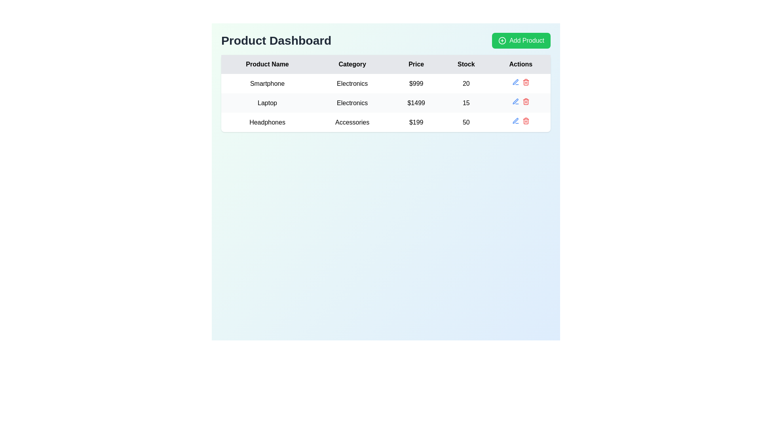 The width and height of the screenshot is (760, 427). I want to click on the 'Edit' button icon located in the second row of the table under the 'Actions' column to initiate editing for the product 'Laptop', so click(515, 101).